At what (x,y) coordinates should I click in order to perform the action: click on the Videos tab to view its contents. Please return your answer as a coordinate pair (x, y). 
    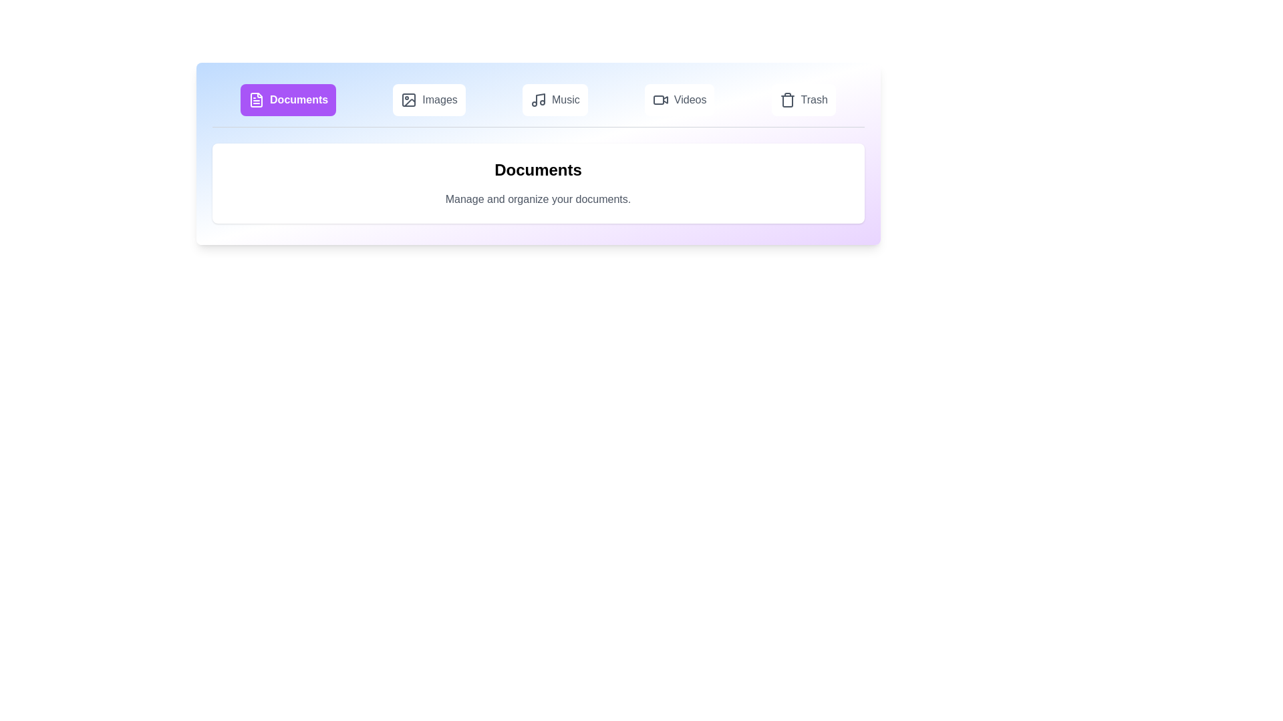
    Looking at the image, I should click on (680, 99).